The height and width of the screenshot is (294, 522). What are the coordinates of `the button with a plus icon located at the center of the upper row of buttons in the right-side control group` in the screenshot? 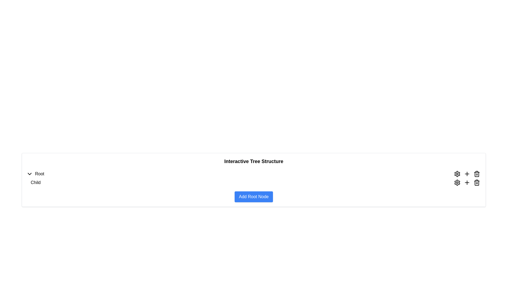 It's located at (467, 174).